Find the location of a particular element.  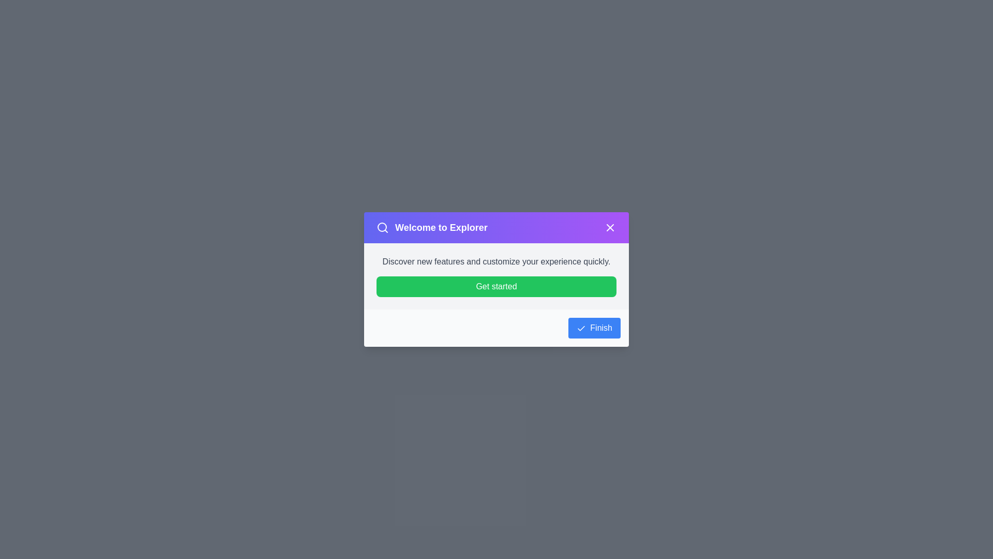

the 'Finish' button is located at coordinates (594, 328).